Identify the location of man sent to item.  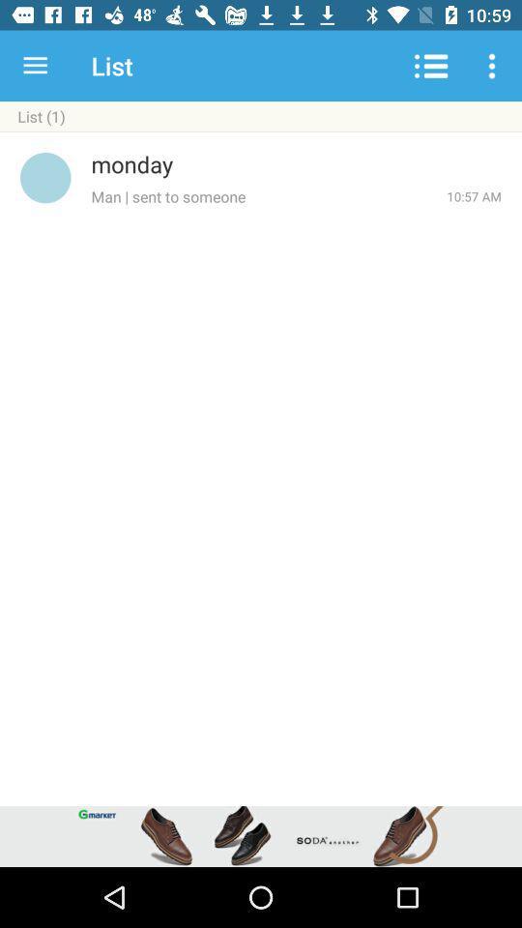
(268, 196).